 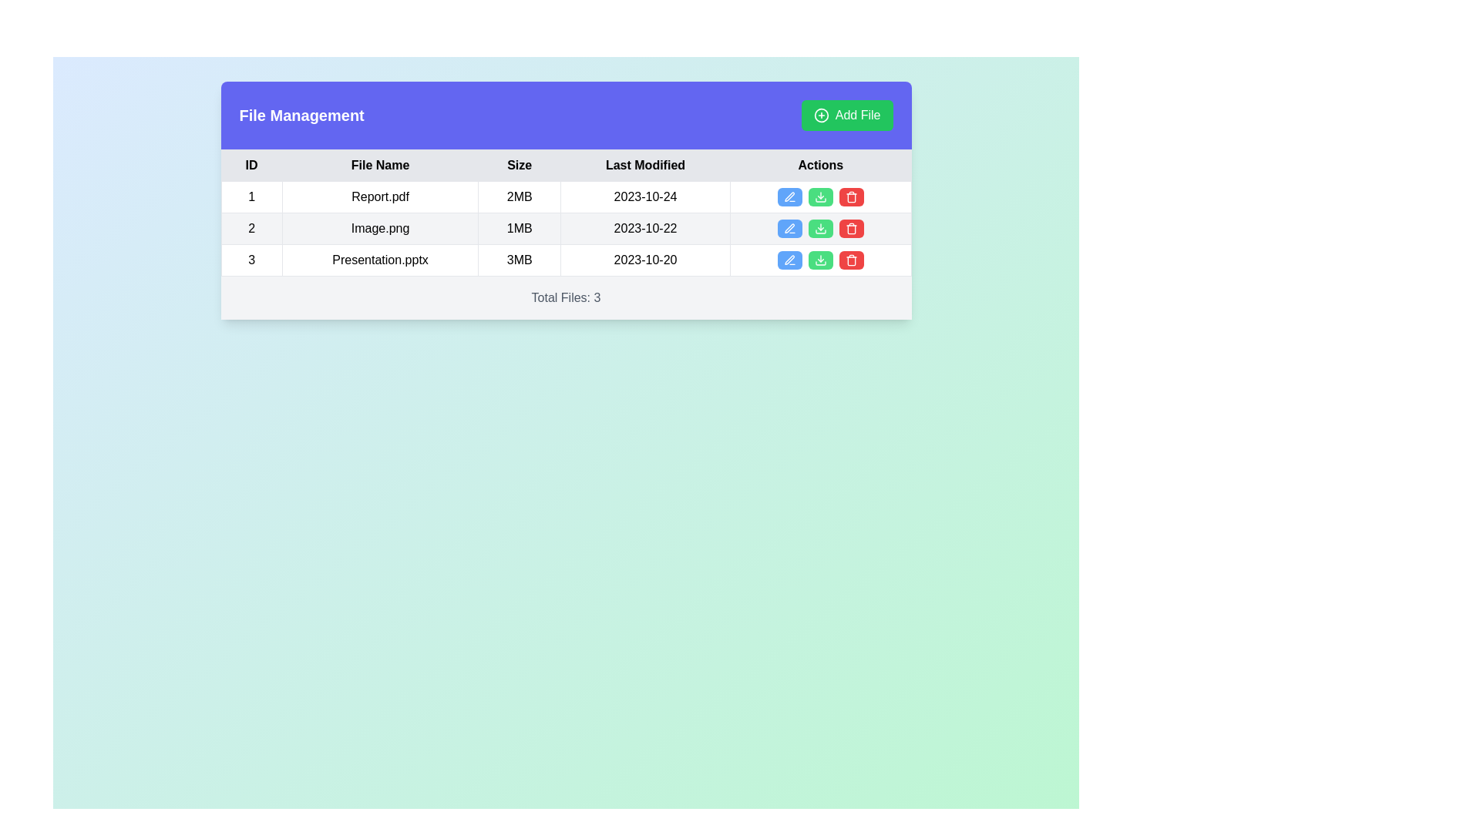 What do you see at coordinates (789, 196) in the screenshot?
I see `the Edit Pen Icon located in the Actions column for the file 'Image.png' to initiate editing` at bounding box center [789, 196].